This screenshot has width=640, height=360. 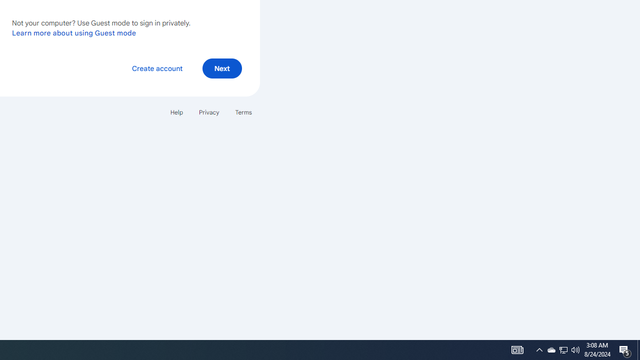 What do you see at coordinates (208, 112) in the screenshot?
I see `'Privacy'` at bounding box center [208, 112].